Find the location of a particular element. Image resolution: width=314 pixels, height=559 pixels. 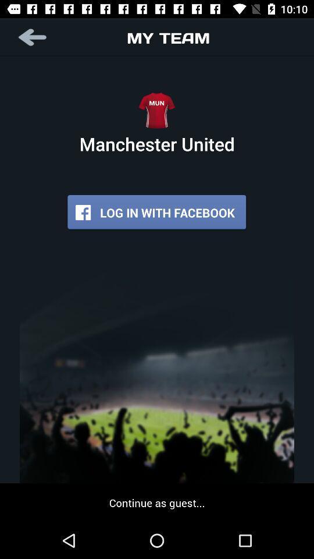

log in with icon is located at coordinates (156, 212).